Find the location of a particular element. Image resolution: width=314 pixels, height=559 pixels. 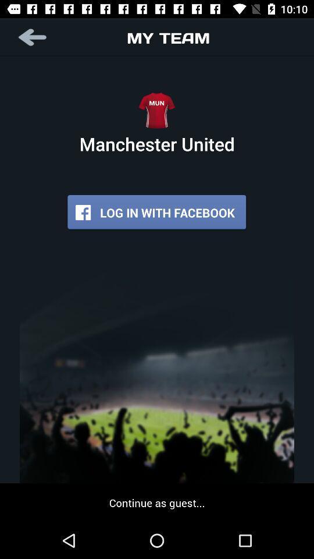

log in with icon is located at coordinates (156, 212).